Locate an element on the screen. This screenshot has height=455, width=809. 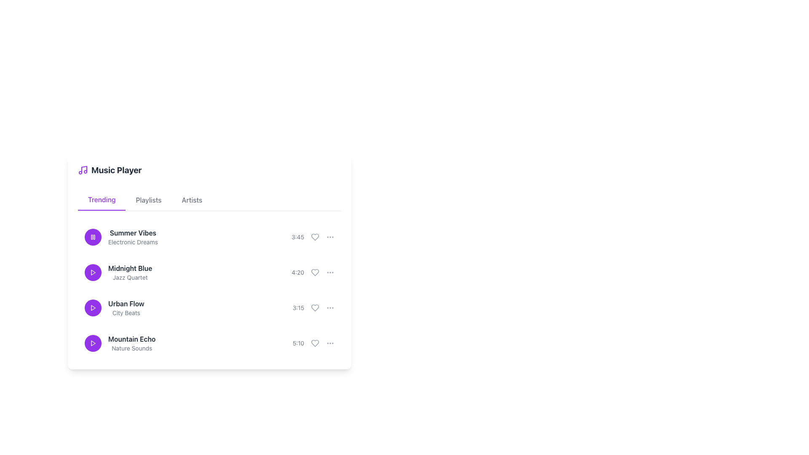
the text label displaying 'Summer Vibes', which is styled as a title in bold dark gray font, located in the first row under the 'Trending' tab of the music player interface is located at coordinates (132, 233).